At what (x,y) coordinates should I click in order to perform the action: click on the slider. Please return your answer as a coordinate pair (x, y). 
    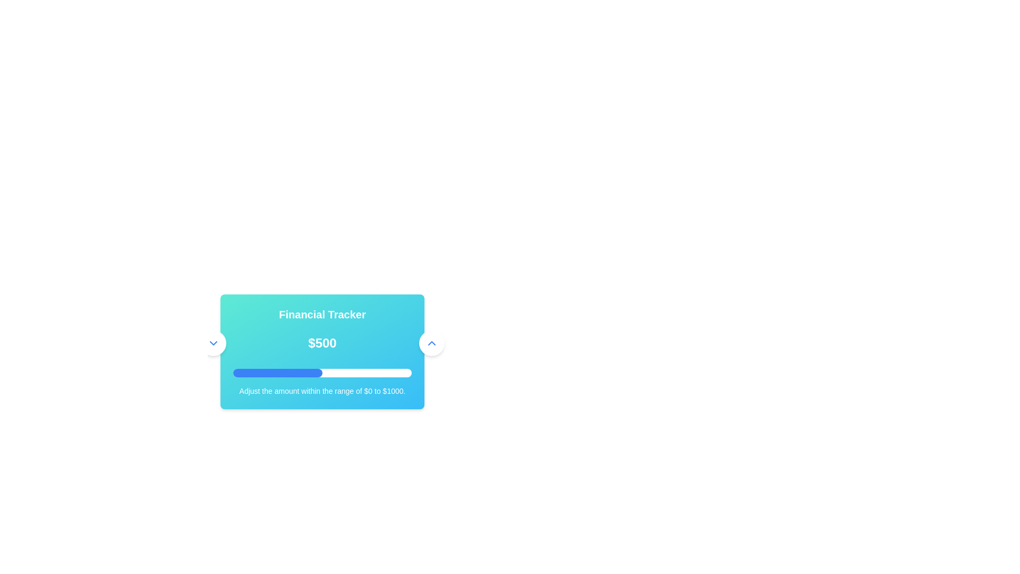
    Looking at the image, I should click on (335, 373).